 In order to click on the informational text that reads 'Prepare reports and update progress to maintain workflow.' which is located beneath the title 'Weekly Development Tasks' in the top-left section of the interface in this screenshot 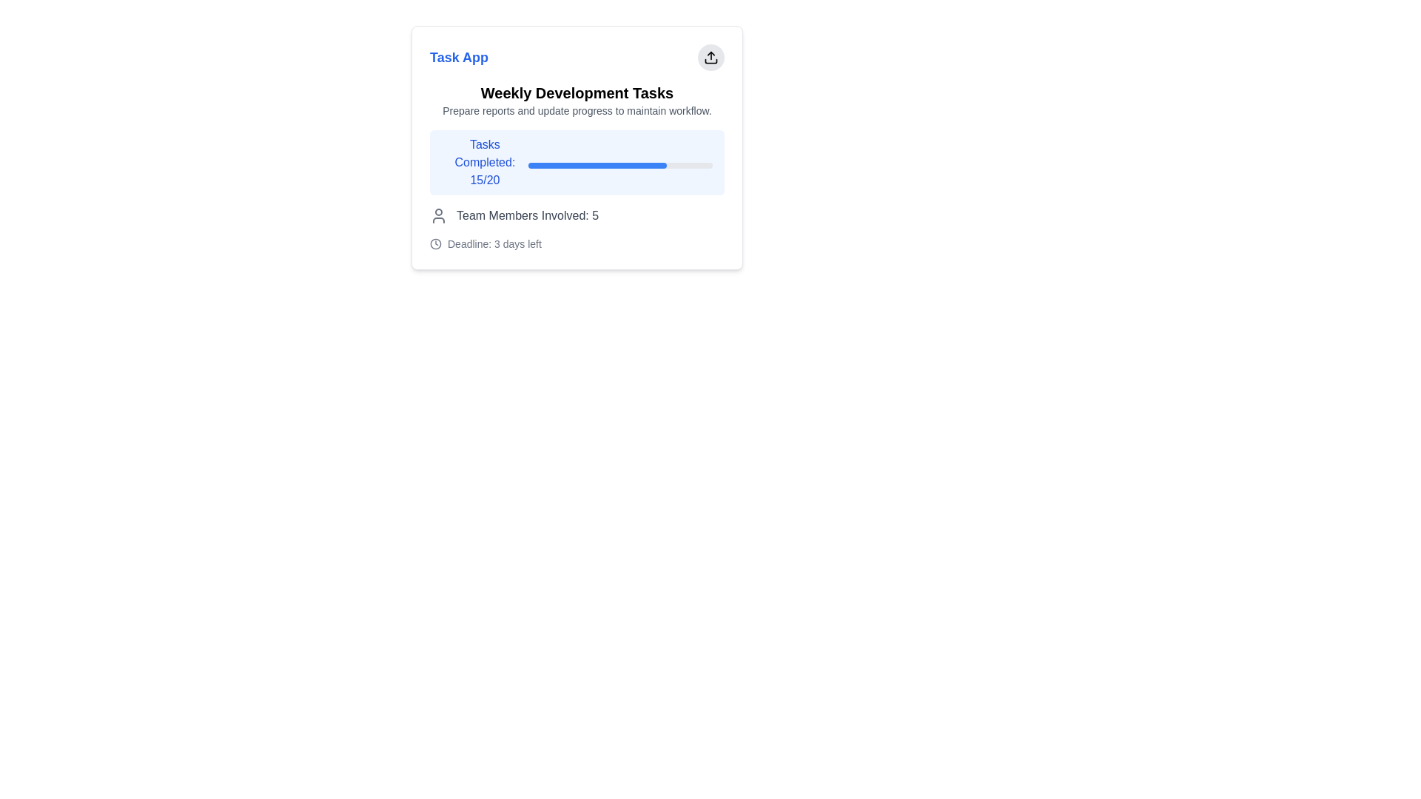, I will do `click(576, 110)`.